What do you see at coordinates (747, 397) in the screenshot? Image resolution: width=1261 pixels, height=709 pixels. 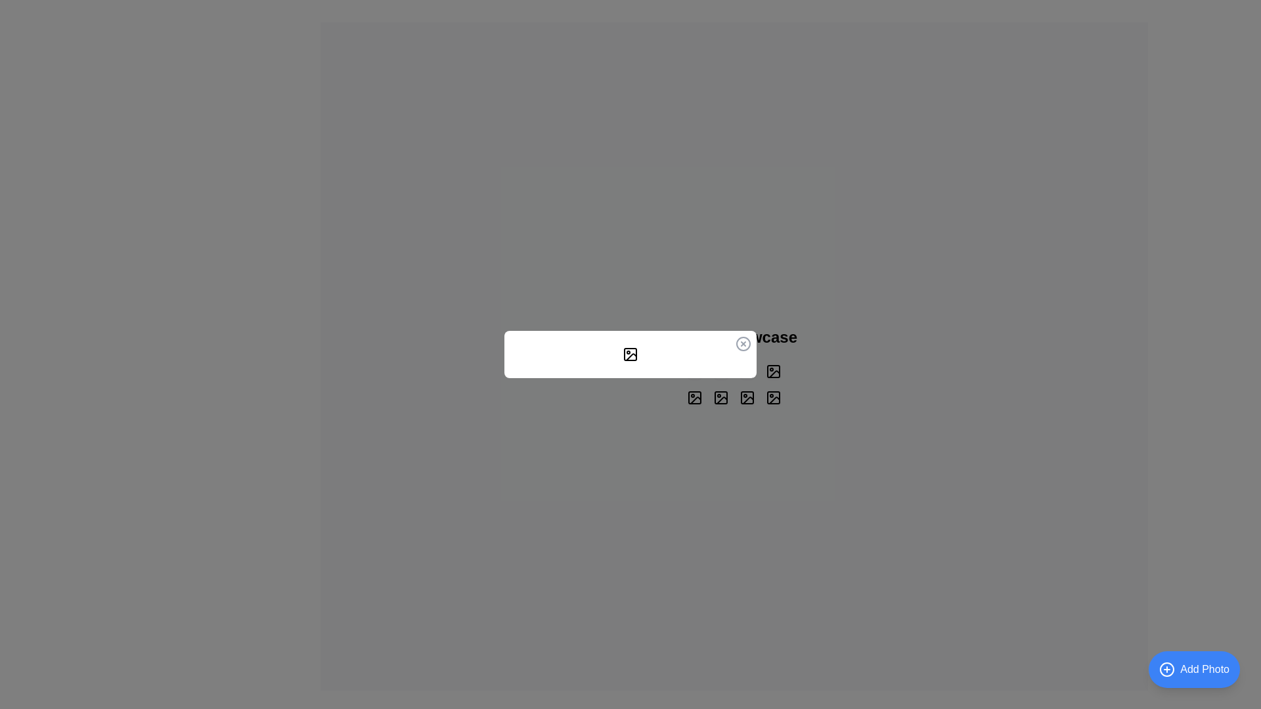 I see `the fourth thumbnail in the bottom grid of images` at bounding box center [747, 397].